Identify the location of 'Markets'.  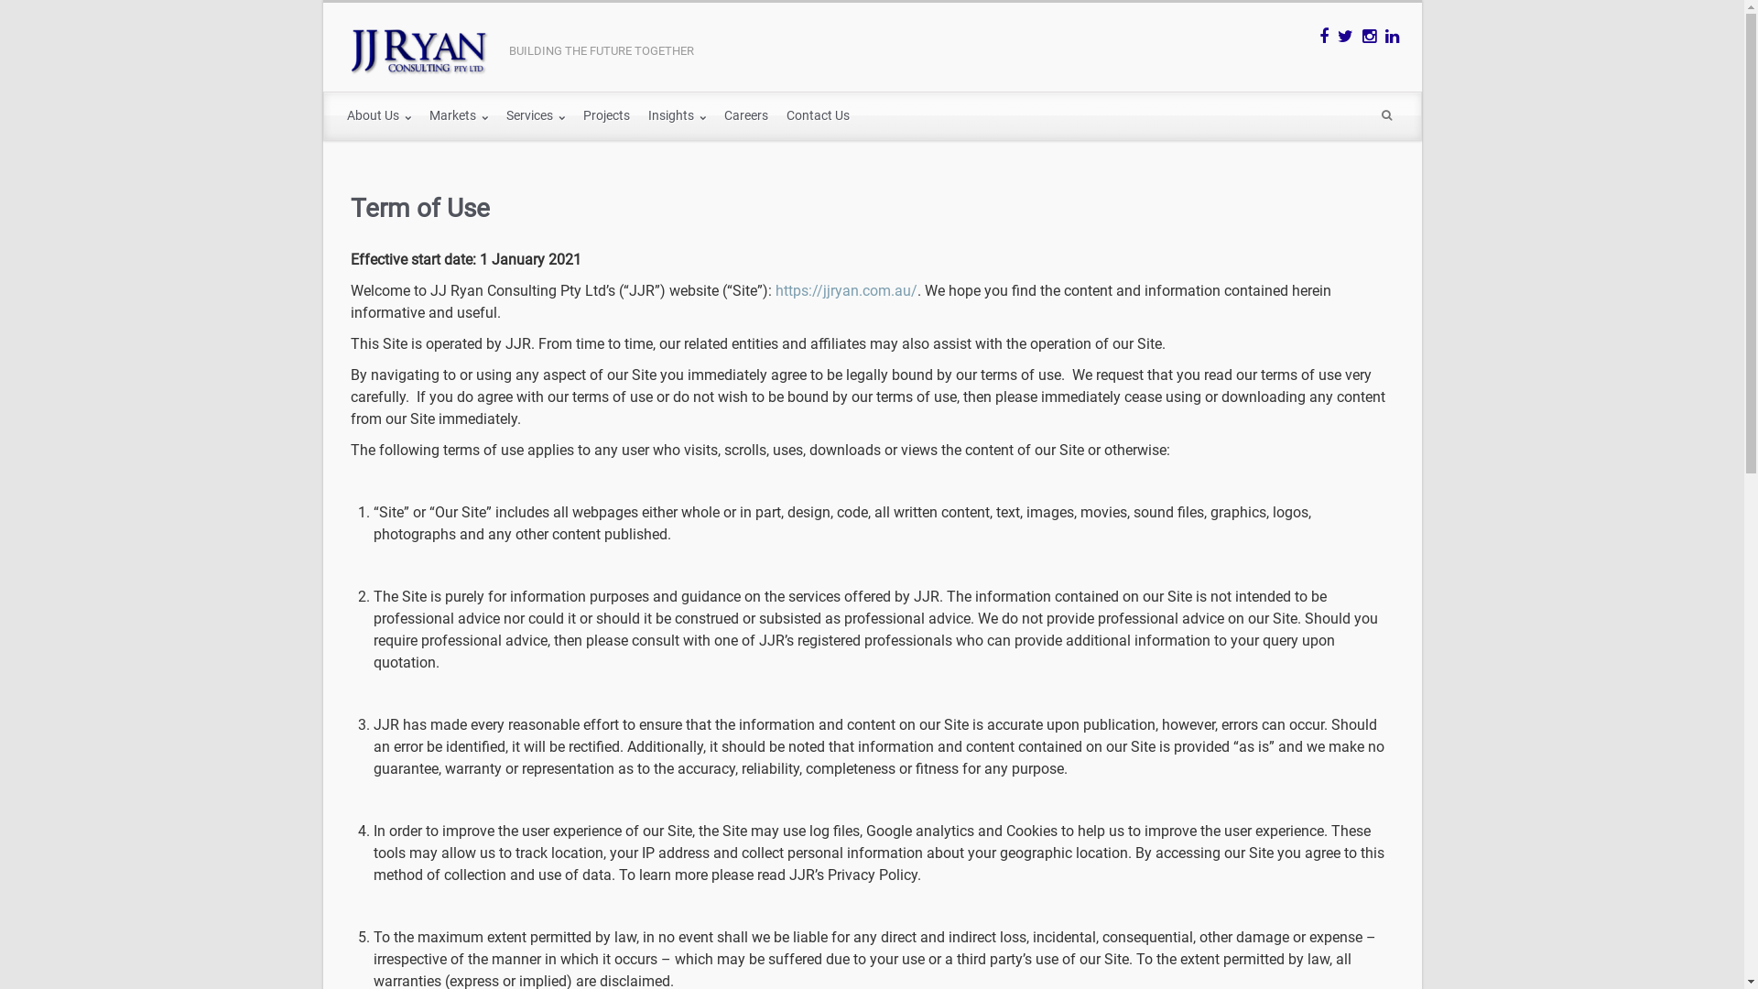
(457, 116).